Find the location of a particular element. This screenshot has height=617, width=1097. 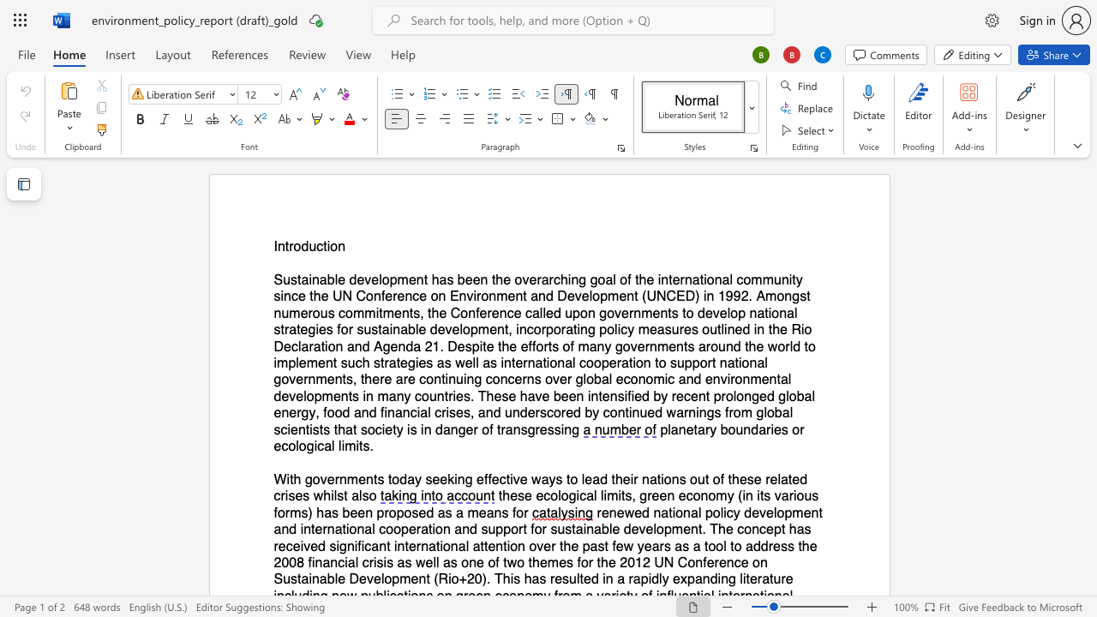

the 1th character "u" in the text is located at coordinates (312, 247).